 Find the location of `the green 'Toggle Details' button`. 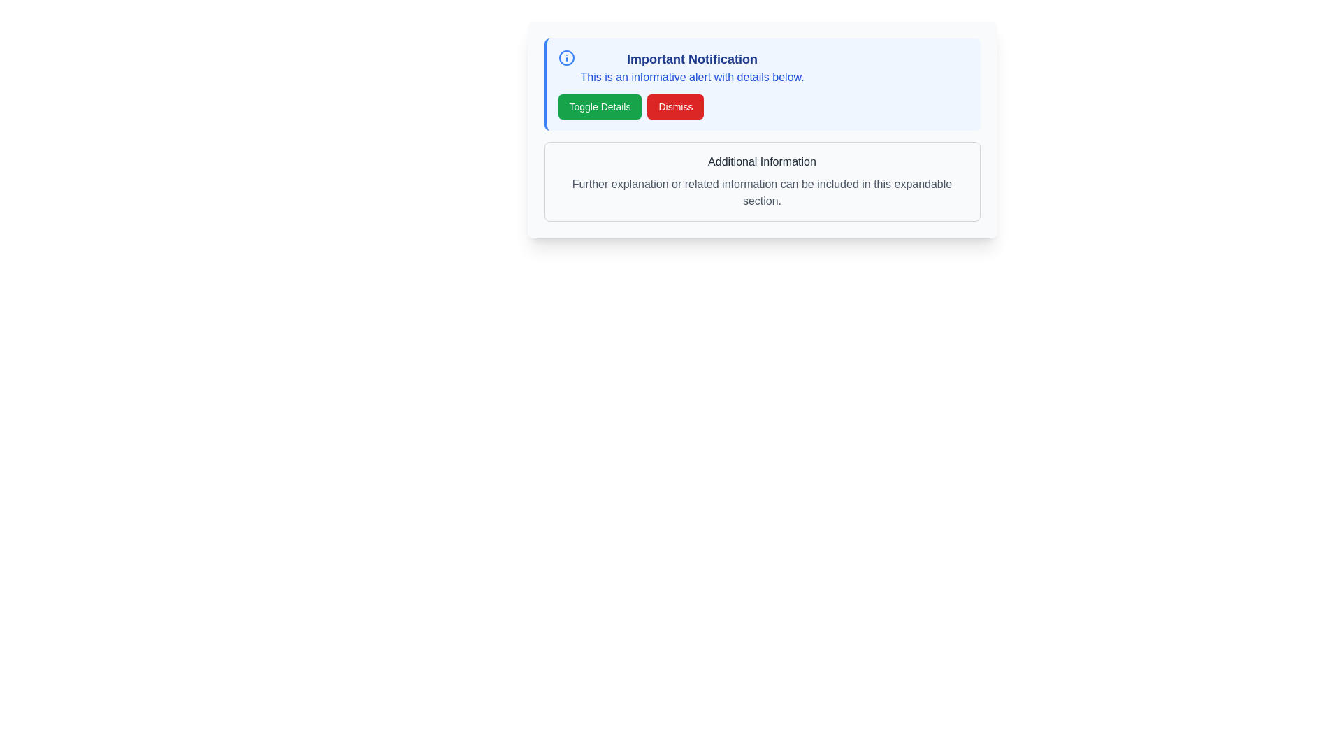

the green 'Toggle Details' button is located at coordinates (600, 106).